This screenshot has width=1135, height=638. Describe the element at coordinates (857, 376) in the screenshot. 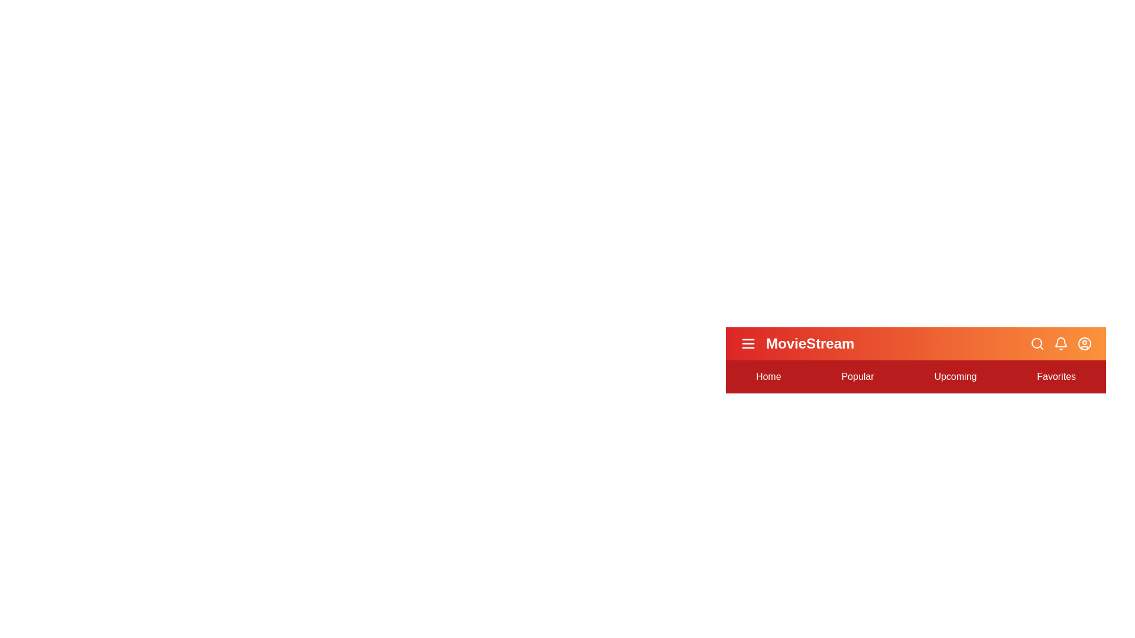

I see `the Popular navigation option` at that location.